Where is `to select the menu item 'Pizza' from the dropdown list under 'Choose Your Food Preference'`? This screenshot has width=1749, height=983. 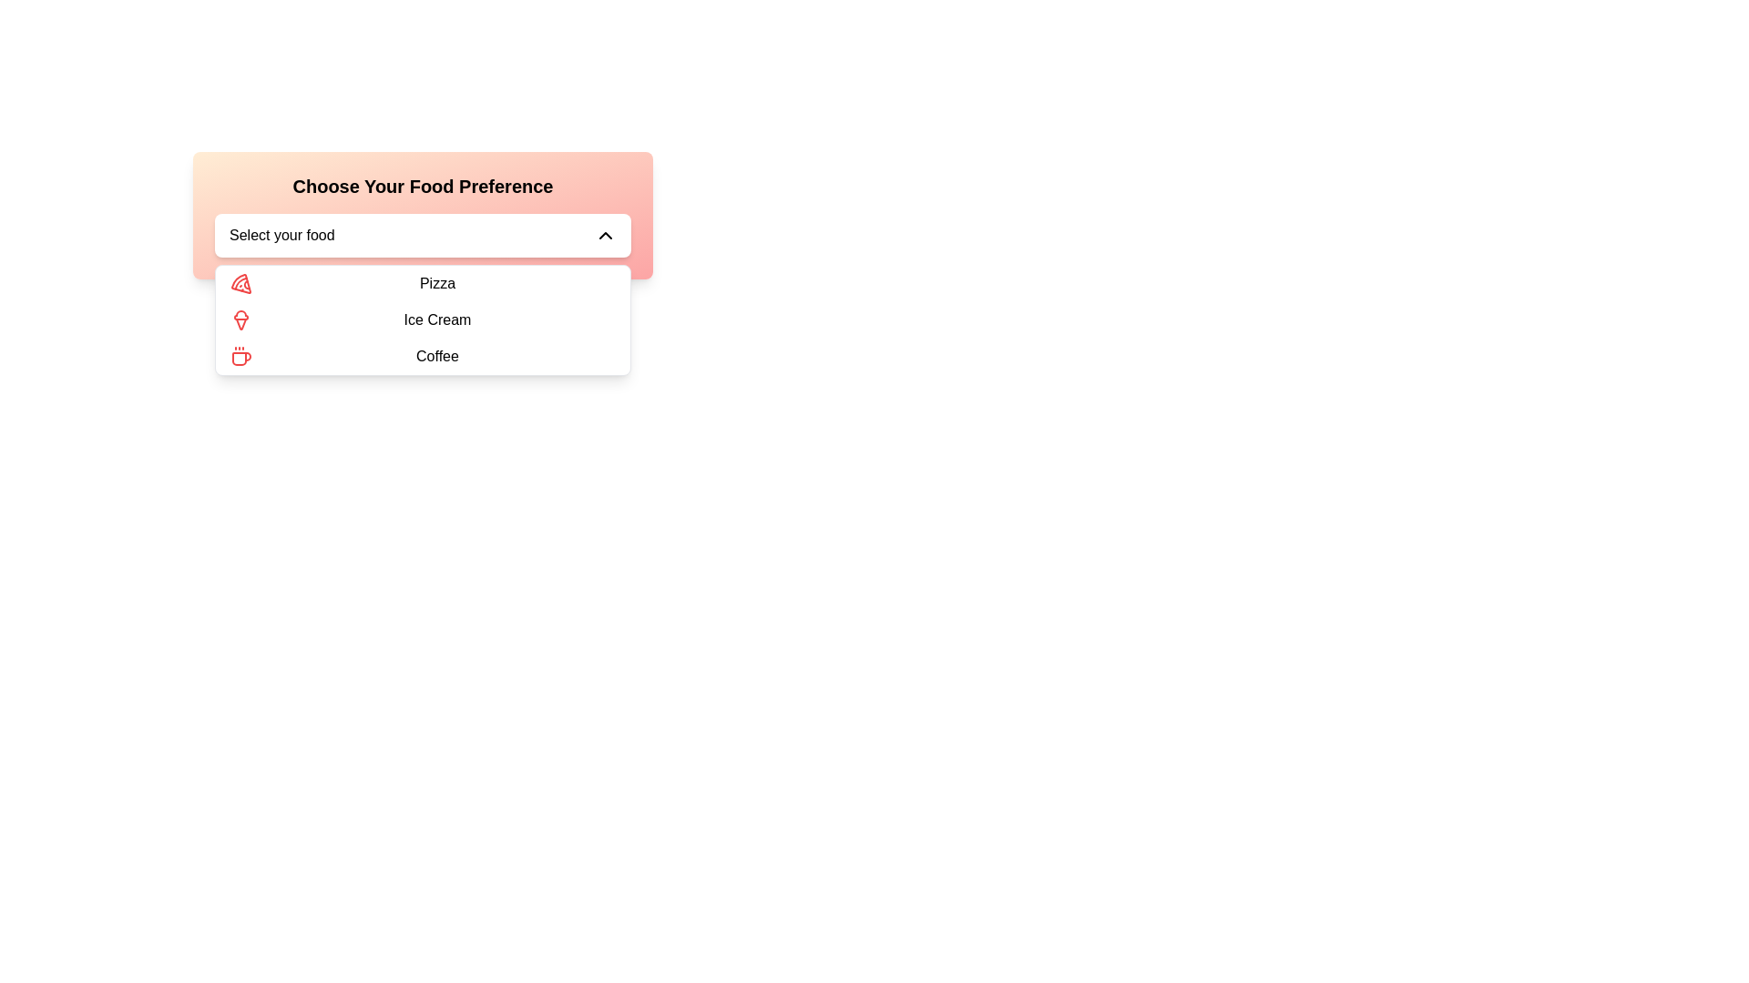
to select the menu item 'Pizza' from the dropdown list under 'Choose Your Food Preference' is located at coordinates (422, 284).